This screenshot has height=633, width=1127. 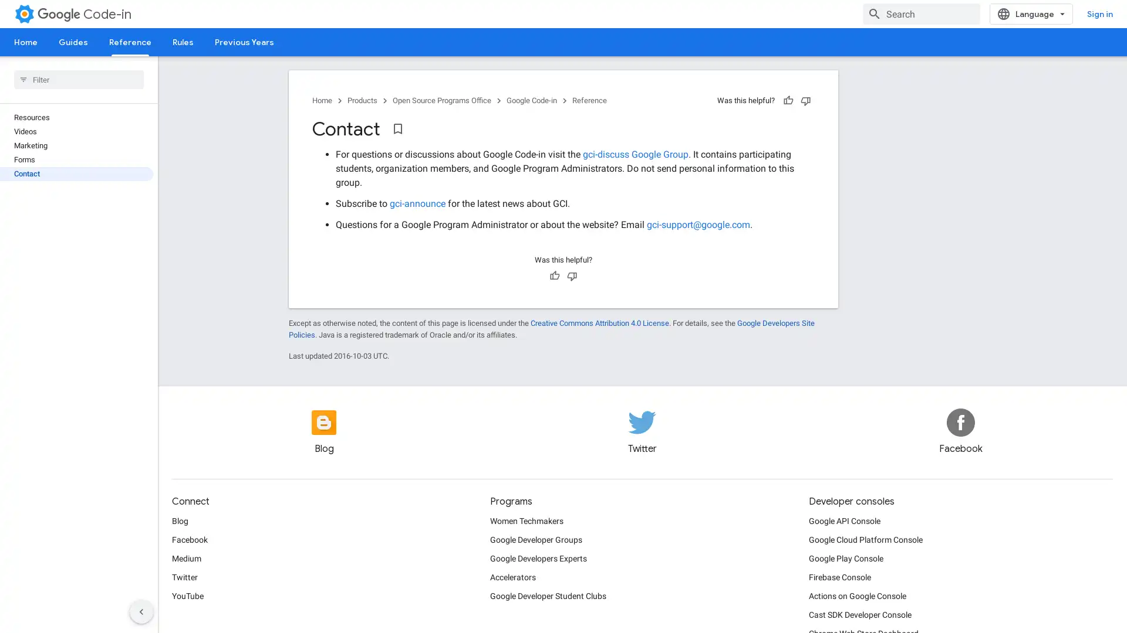 What do you see at coordinates (554, 275) in the screenshot?
I see `Helpful` at bounding box center [554, 275].